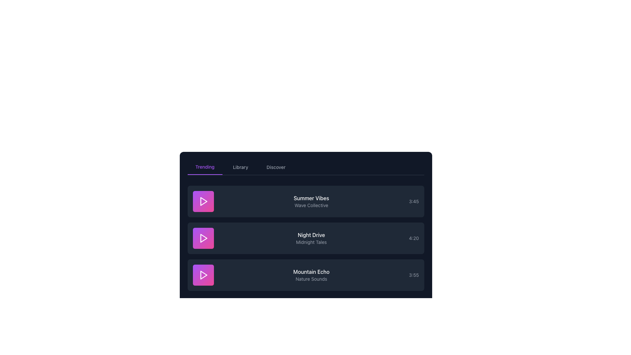 This screenshot has height=355, width=631. Describe the element at coordinates (311, 242) in the screenshot. I see `the text label displaying 'Midnight Tales', which is located beneath the 'Night Drive' text in the second block of content` at that location.